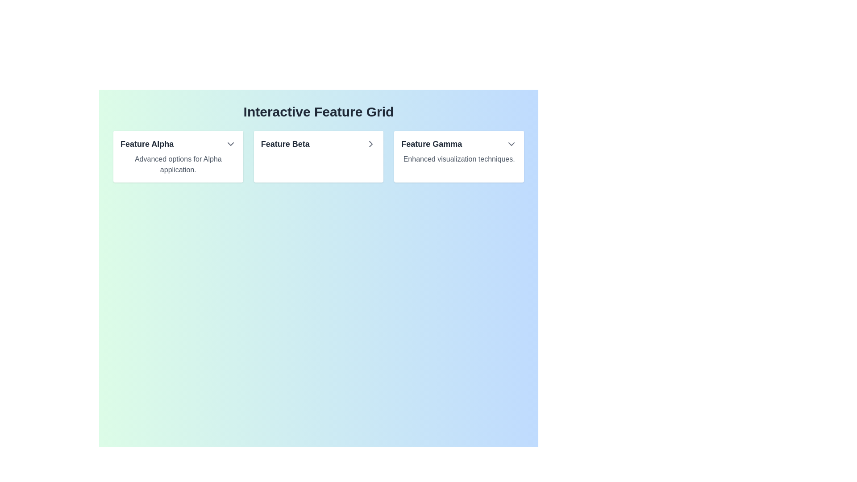 This screenshot has width=857, height=482. Describe the element at coordinates (432, 144) in the screenshot. I see `the text element displaying 'Feature Gamma', which is bold and larger-than-normal, located in the third feature card of the horizontal alignment` at that location.